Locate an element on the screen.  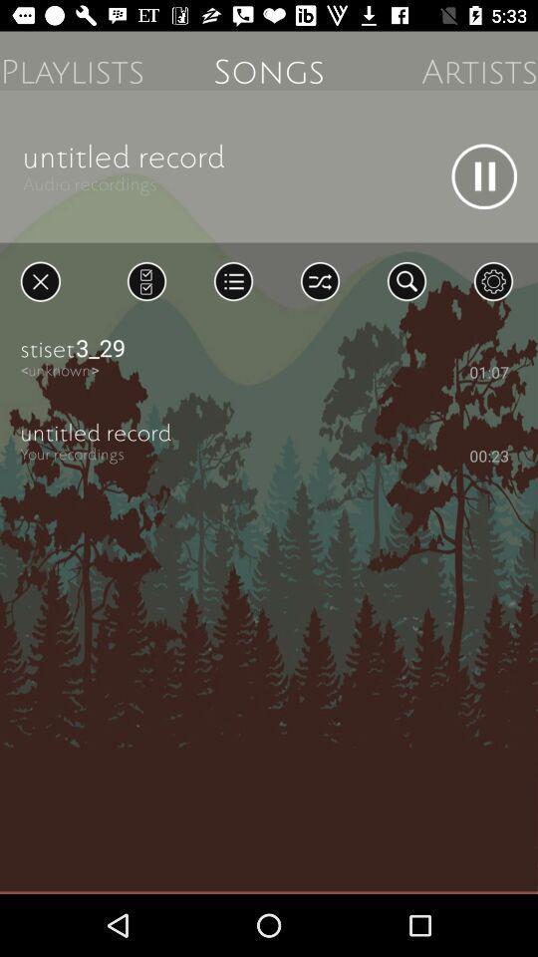
message button is located at coordinates (145, 280).